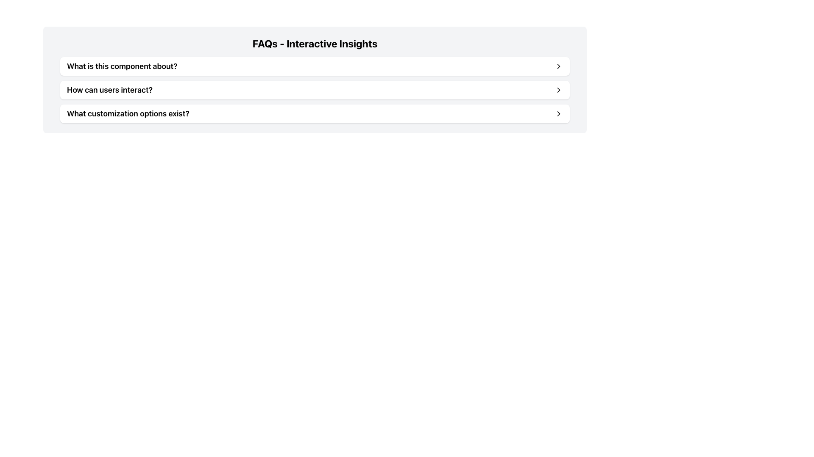  I want to click on the third FAQ option in the 'FAQs - Interactive Insights' section, so click(315, 113).